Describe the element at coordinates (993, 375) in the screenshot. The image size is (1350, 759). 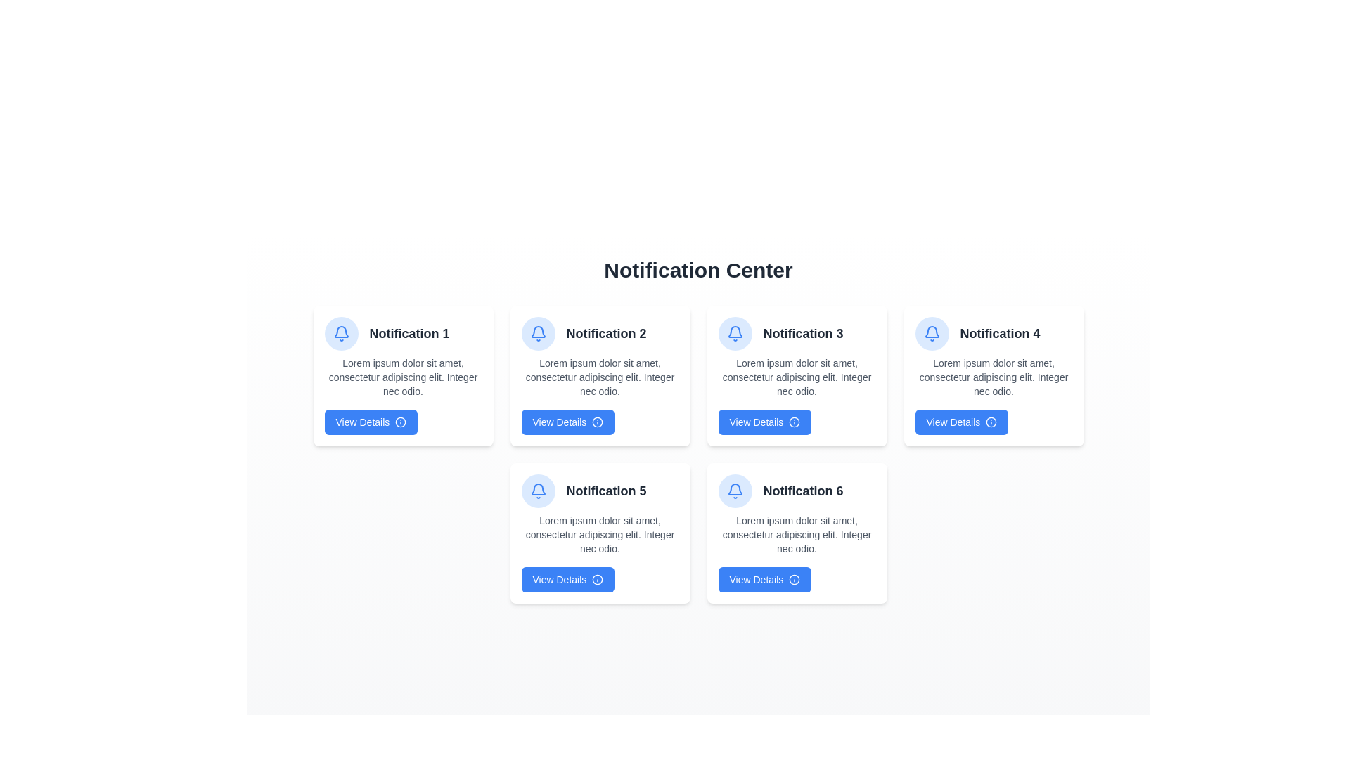
I see `the fourth notification card located in the second row and last column of the layout grid` at that location.